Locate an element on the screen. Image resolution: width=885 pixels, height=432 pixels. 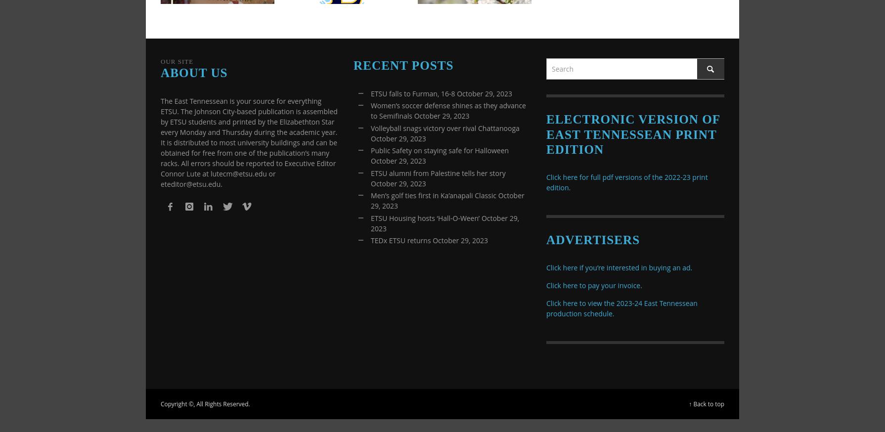
'Recent Posts' is located at coordinates (403, 65).